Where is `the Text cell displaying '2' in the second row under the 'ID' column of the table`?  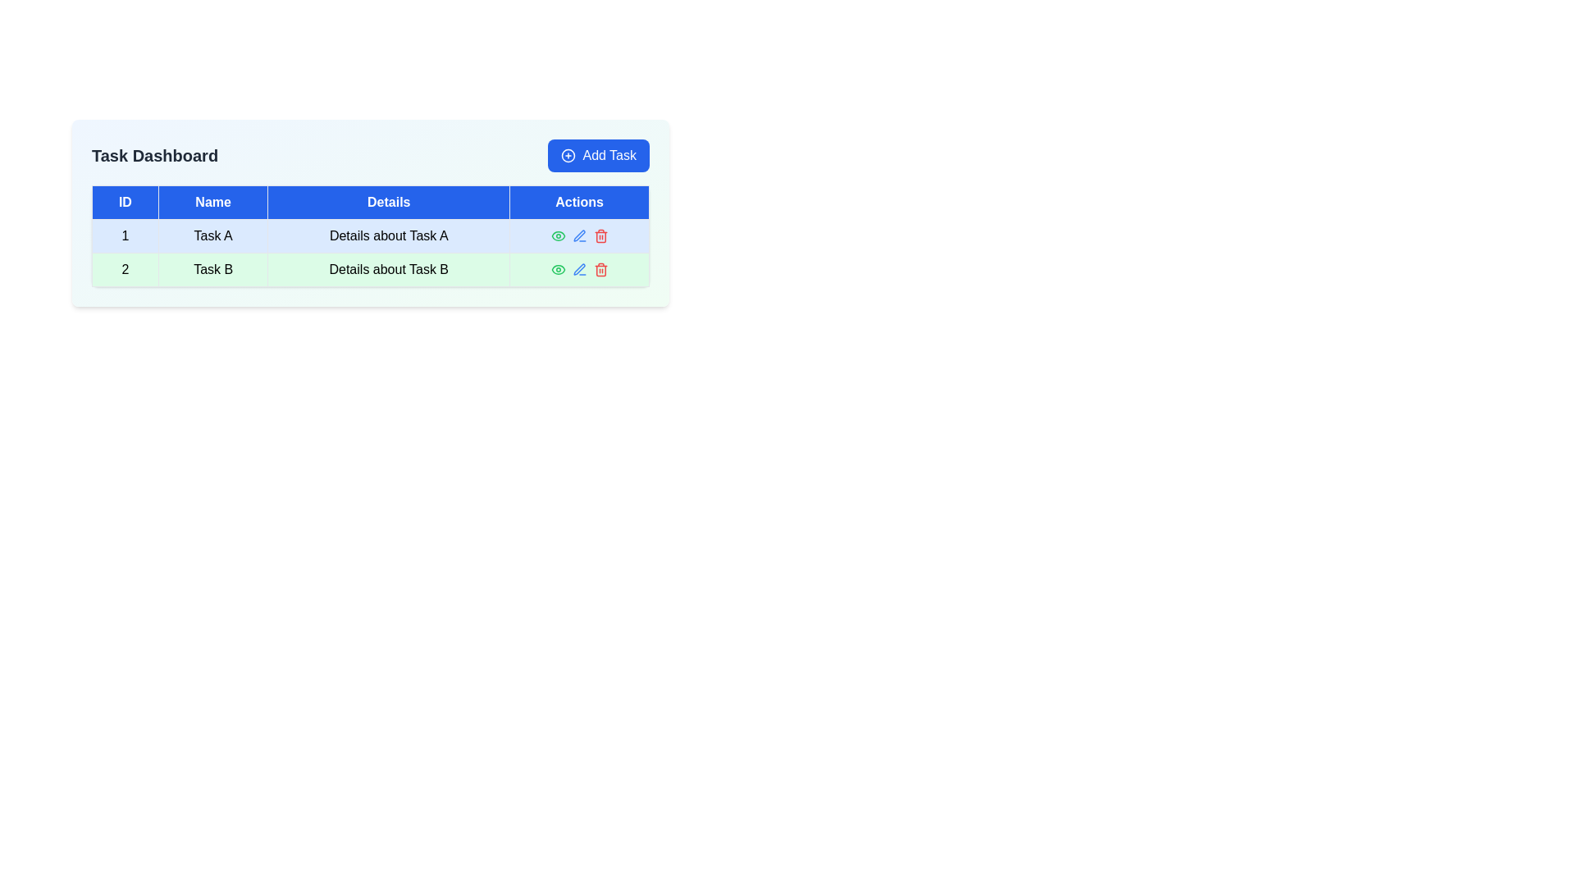
the Text cell displaying '2' in the second row under the 'ID' column of the table is located at coordinates (124, 268).